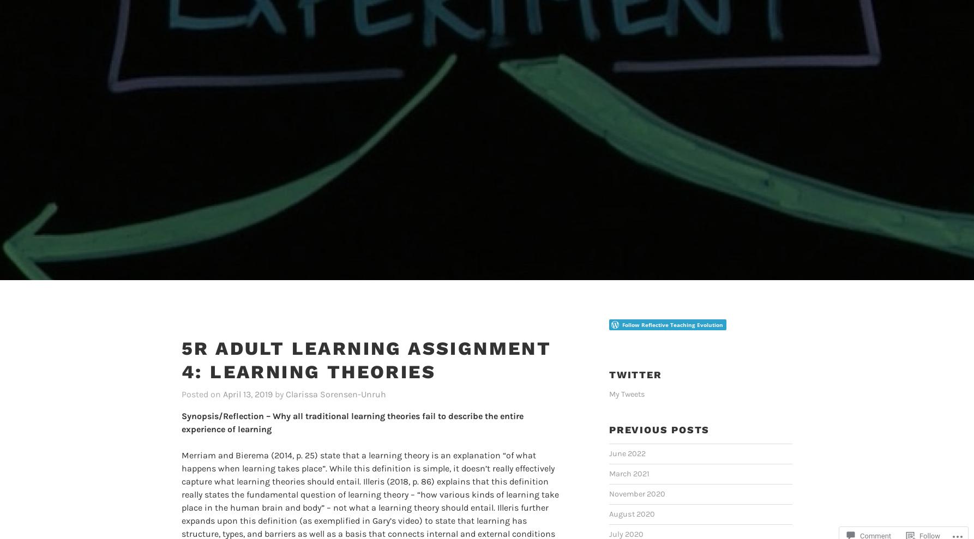  What do you see at coordinates (608, 517) in the screenshot?
I see `'July 2020'` at bounding box center [608, 517].